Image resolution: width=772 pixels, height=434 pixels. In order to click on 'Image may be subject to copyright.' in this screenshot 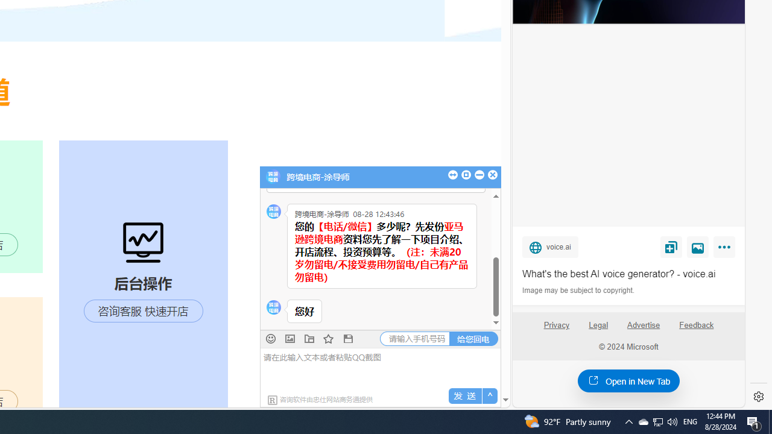, I will do `click(579, 291)`.